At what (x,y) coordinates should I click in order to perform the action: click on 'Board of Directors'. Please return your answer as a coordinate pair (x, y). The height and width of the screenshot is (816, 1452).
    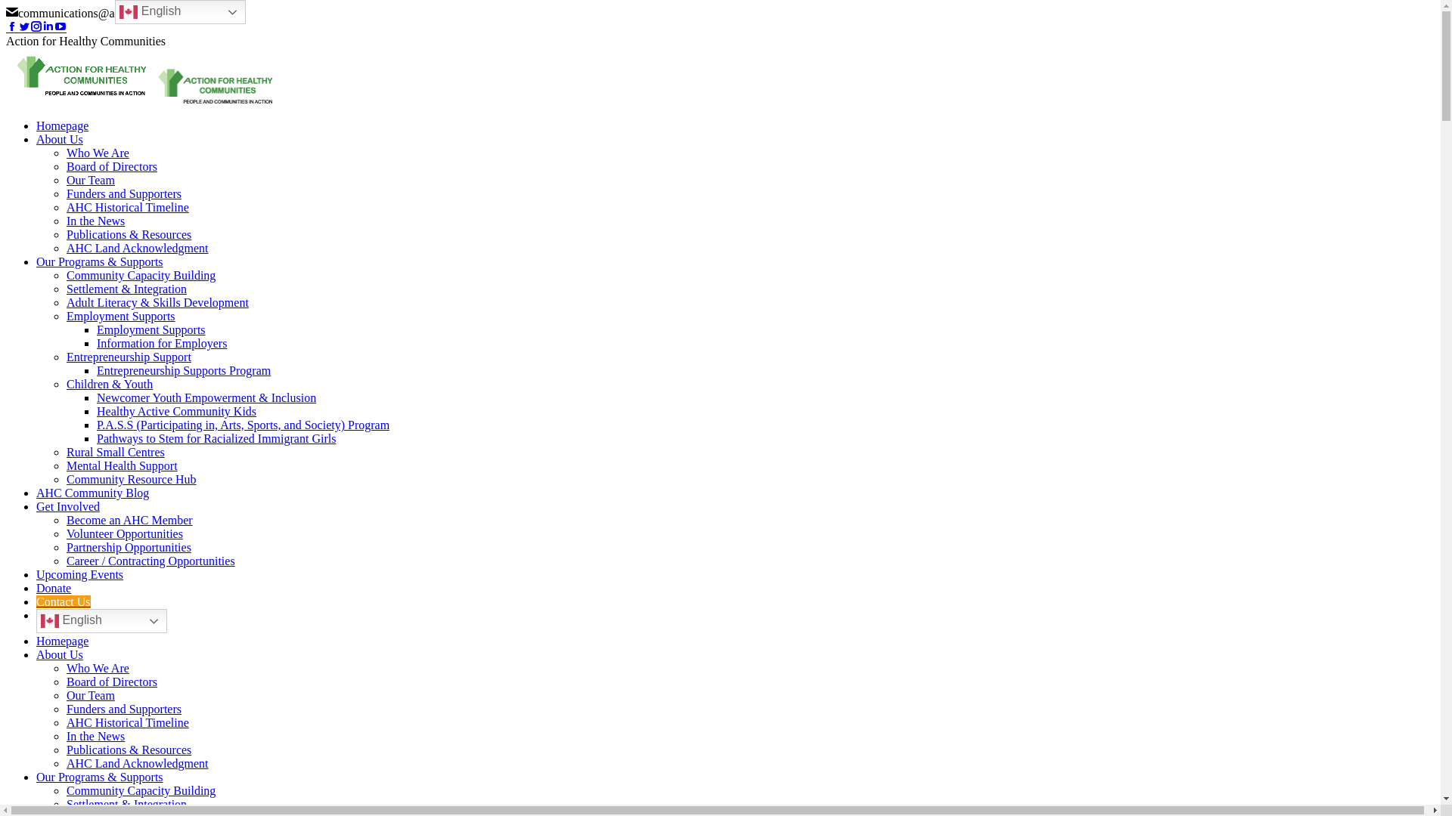
    Looking at the image, I should click on (111, 682).